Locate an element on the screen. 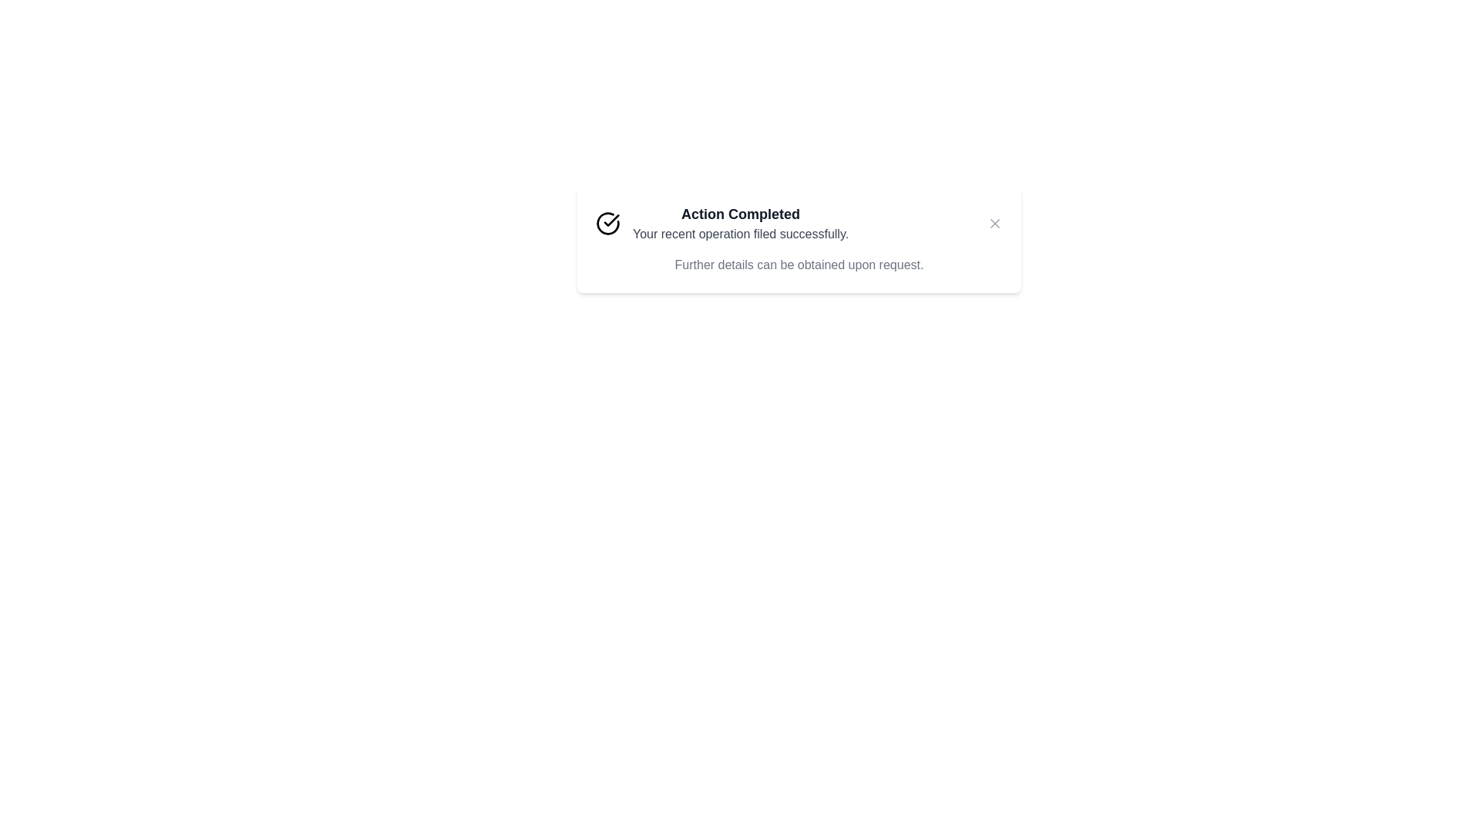 The image size is (1480, 833). supplementary information text located in the light green box directly below the message 'Your recent operation filed successfully.' is located at coordinates (799, 264).